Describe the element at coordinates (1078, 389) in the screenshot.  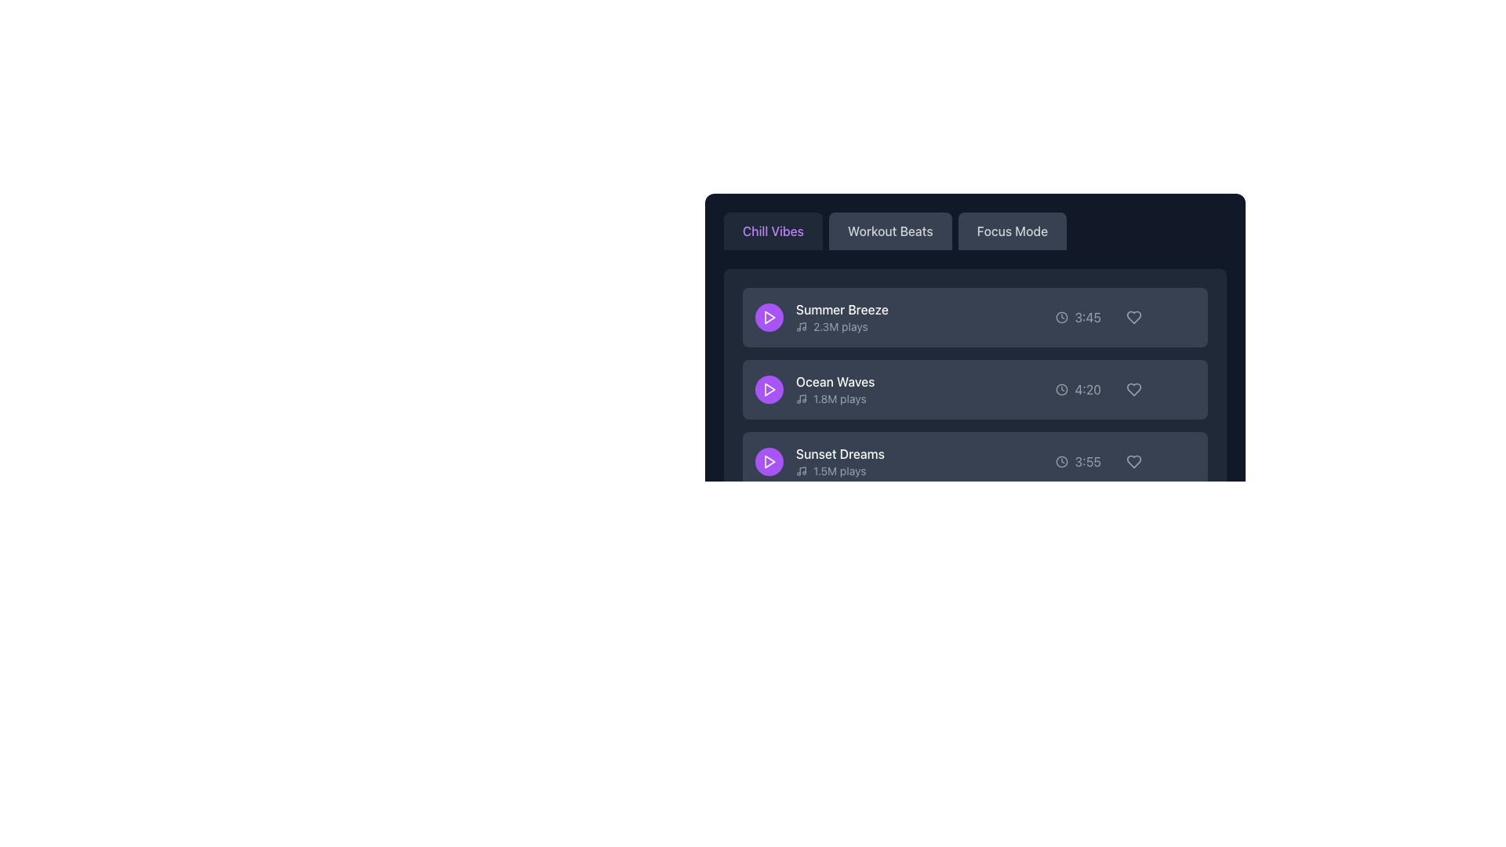
I see `the duration display element for the 'Ocean Waves' track, which shows '4:20' and is located on the right side of the row, adjacent to a heart icon` at that location.